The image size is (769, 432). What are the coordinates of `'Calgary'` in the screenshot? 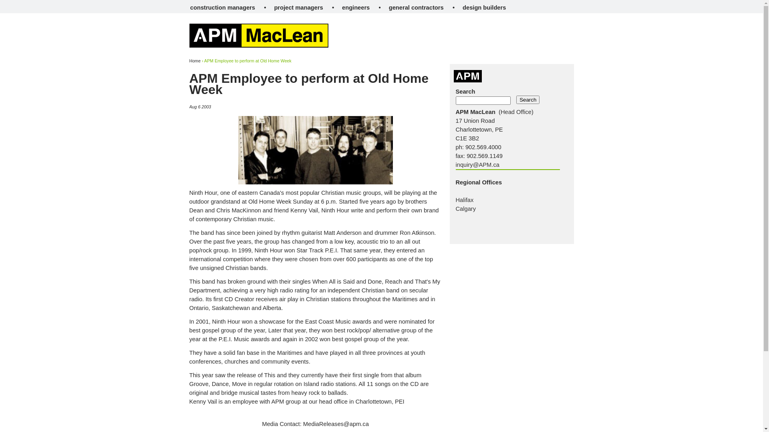 It's located at (466, 208).